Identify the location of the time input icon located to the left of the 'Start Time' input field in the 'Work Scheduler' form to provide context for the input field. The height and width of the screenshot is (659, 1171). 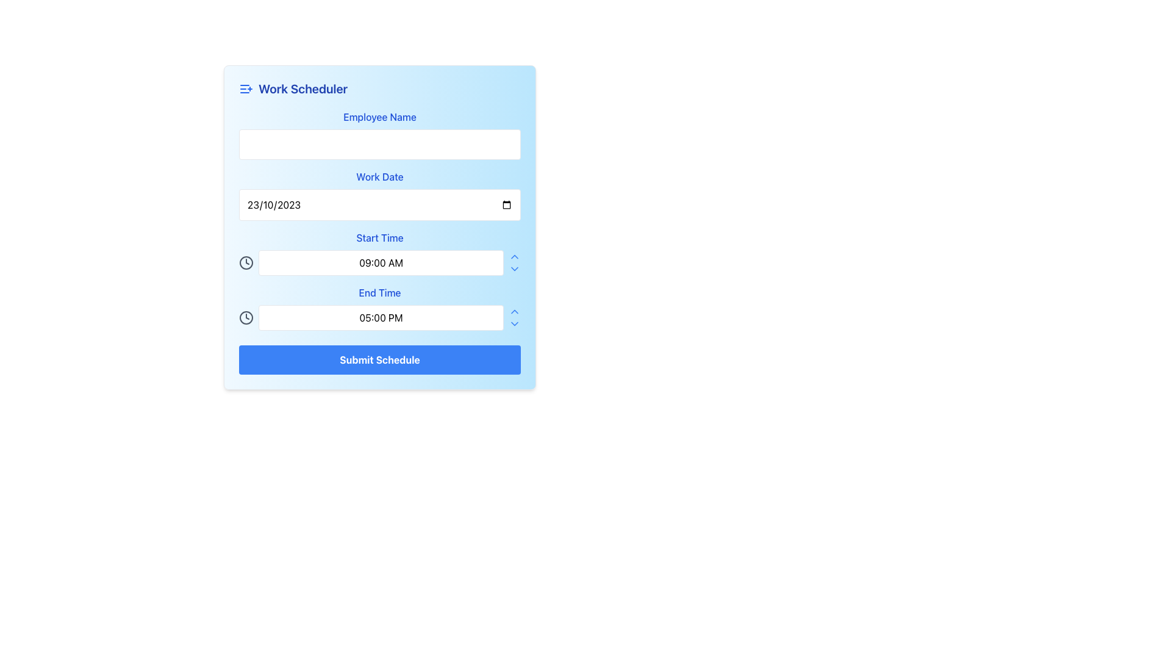
(245, 317).